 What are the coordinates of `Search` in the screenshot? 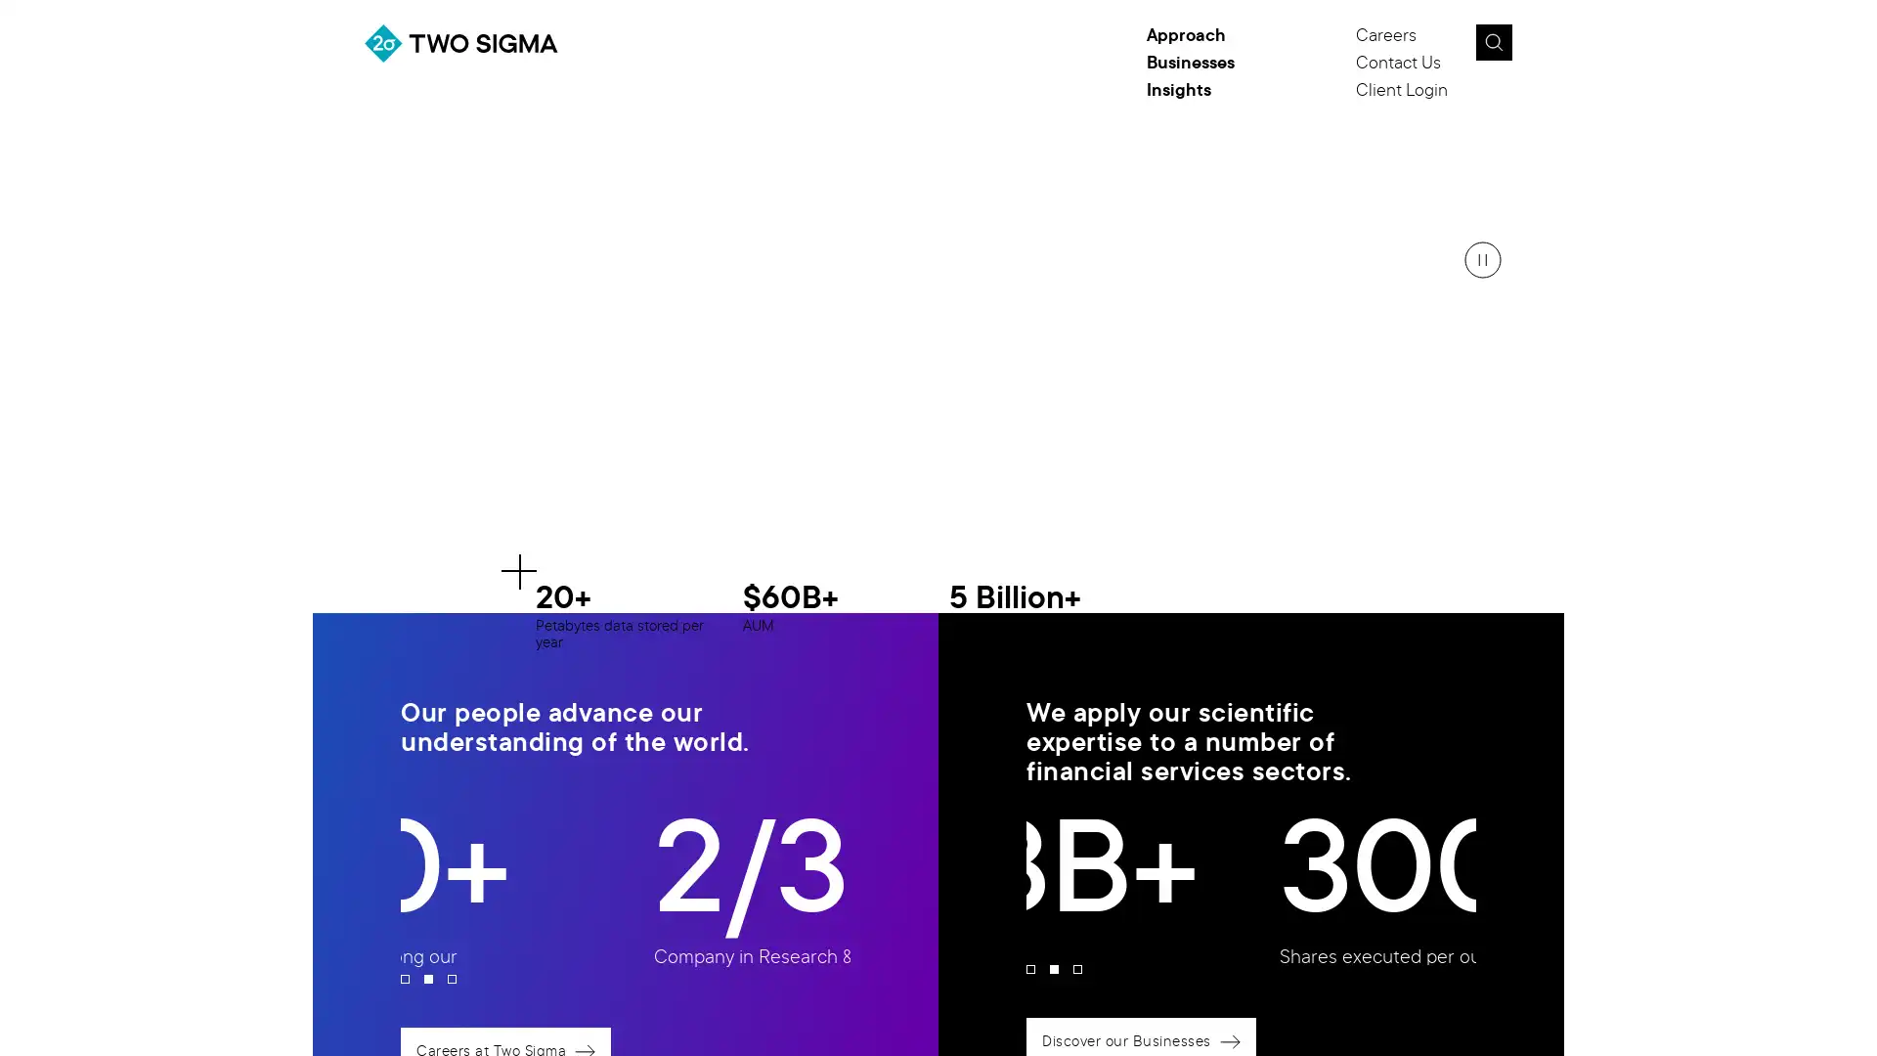 It's located at (1538, 48).